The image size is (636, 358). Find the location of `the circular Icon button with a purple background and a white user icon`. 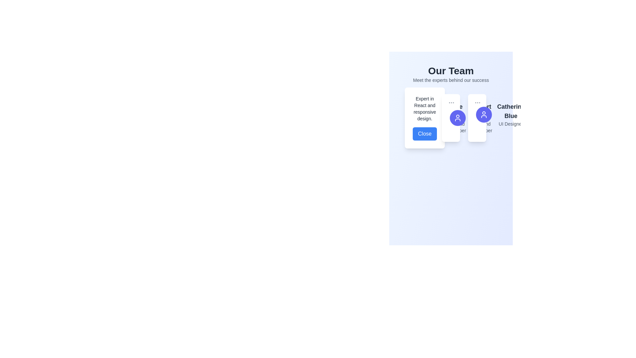

the circular Icon button with a purple background and a white user icon is located at coordinates (484, 114).